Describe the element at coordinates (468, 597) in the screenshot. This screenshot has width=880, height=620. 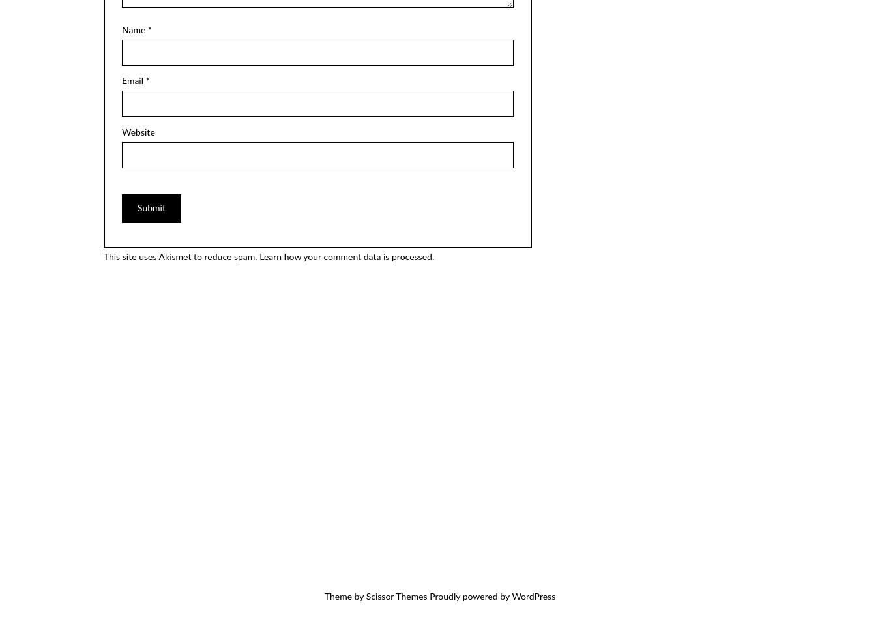
I see `'Proudly powered by'` at that location.